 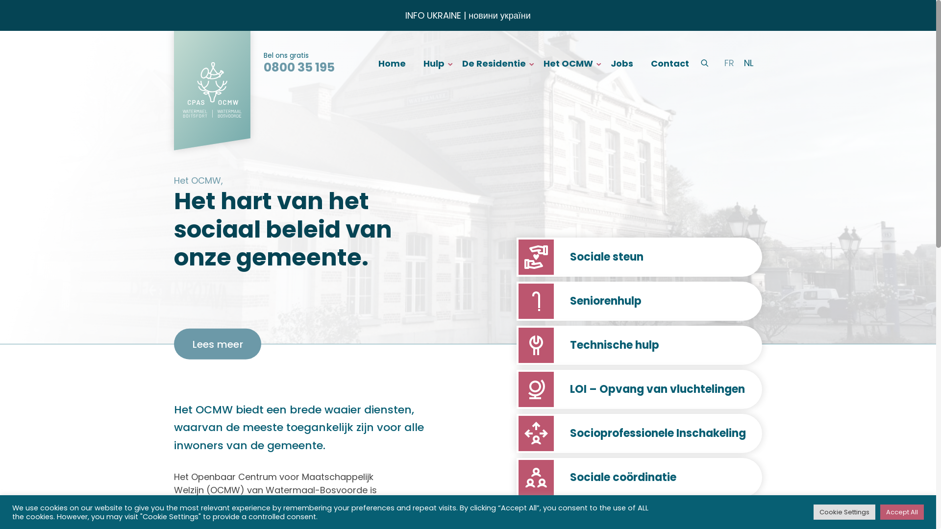 I want to click on 'FR', so click(x=729, y=63).